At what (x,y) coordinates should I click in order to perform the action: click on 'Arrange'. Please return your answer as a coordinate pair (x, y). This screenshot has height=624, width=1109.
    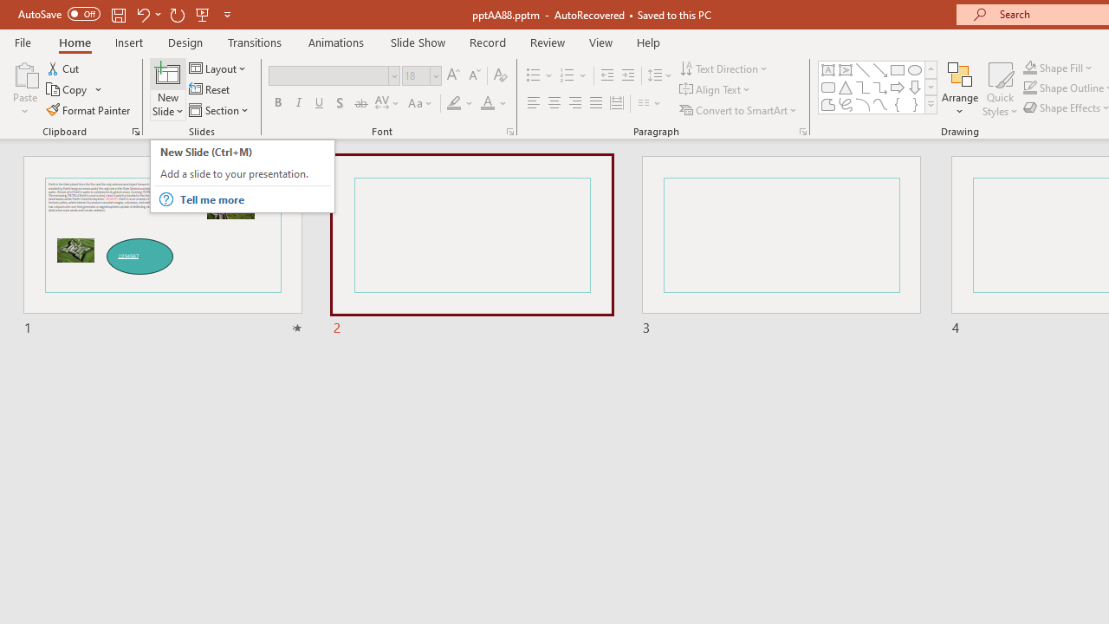
    Looking at the image, I should click on (959, 89).